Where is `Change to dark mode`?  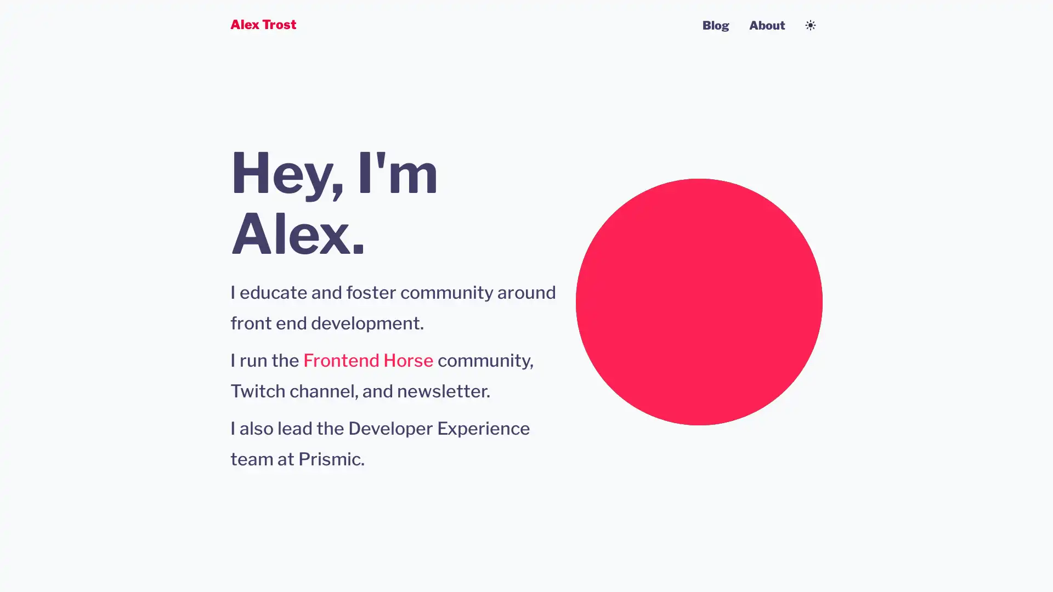 Change to dark mode is located at coordinates (811, 25).